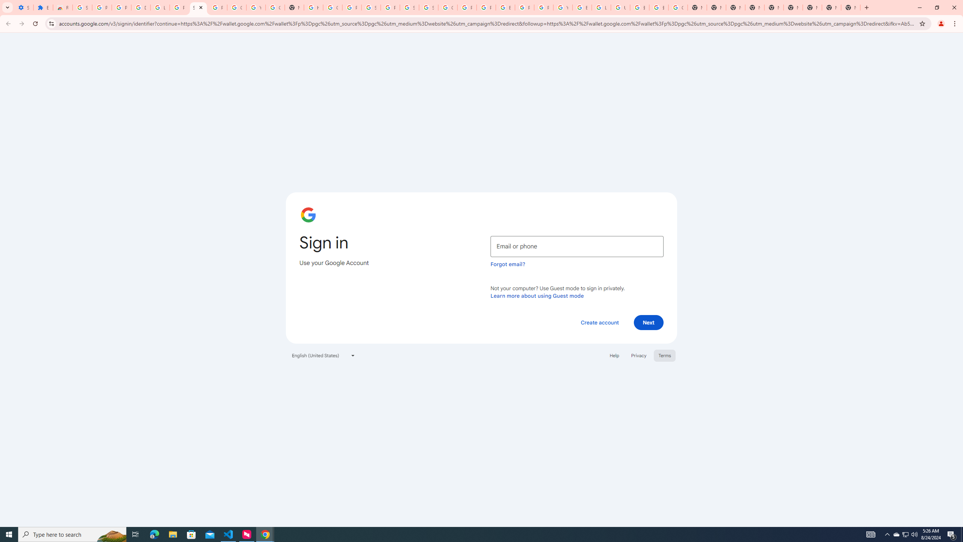  I want to click on 'Terms', so click(664, 355).